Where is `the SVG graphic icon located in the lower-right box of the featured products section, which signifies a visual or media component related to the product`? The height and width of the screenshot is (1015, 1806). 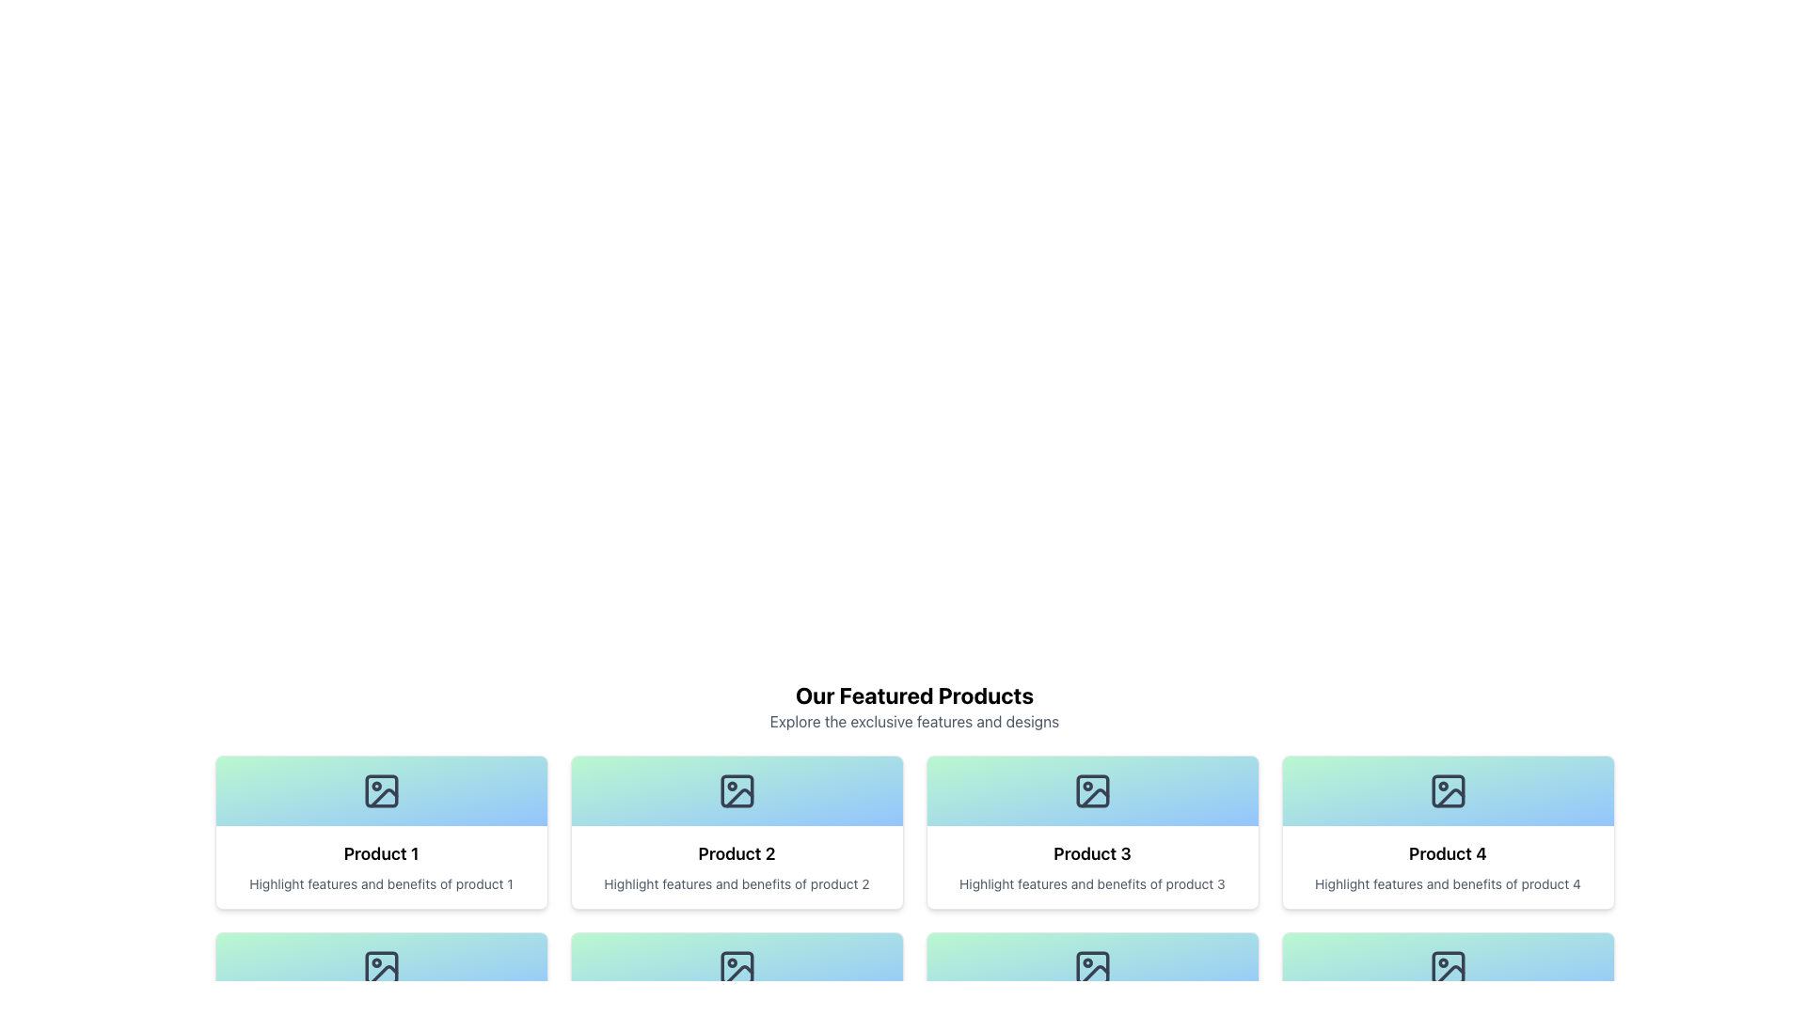 the SVG graphic icon located in the lower-right box of the featured products section, which signifies a visual or media component related to the product is located at coordinates (1092, 967).